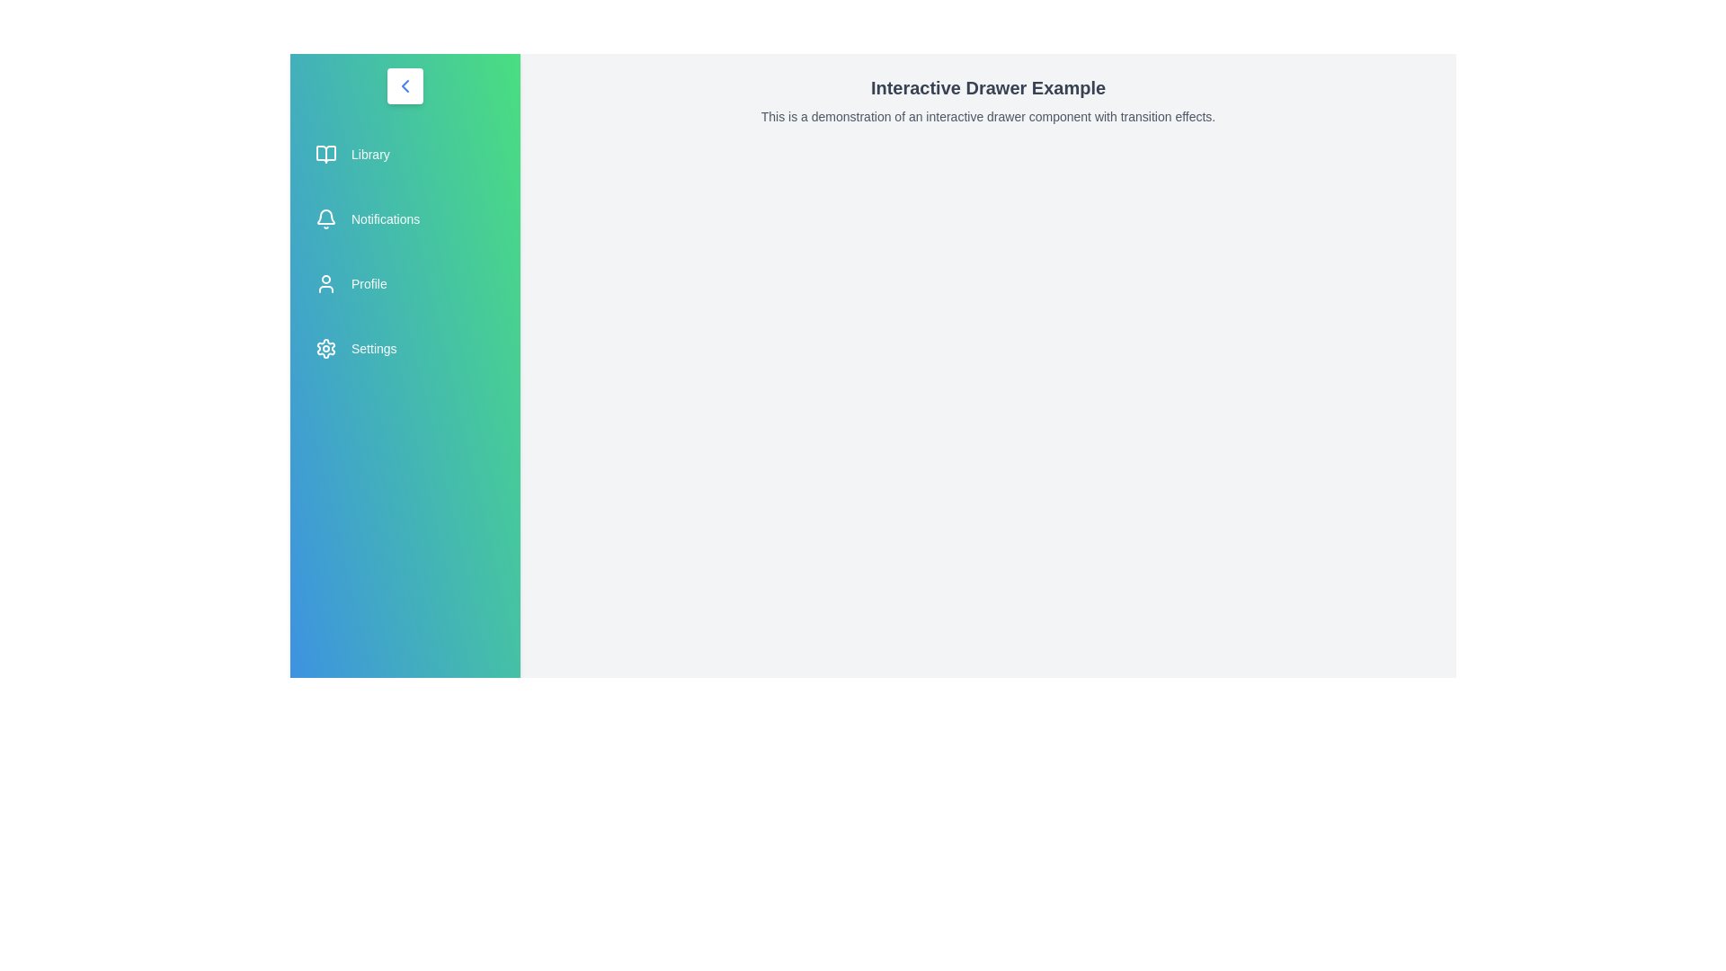 The image size is (1726, 971). What do you see at coordinates (405, 154) in the screenshot?
I see `the menu item labeled 'Library' to navigate or trigger its associated action` at bounding box center [405, 154].